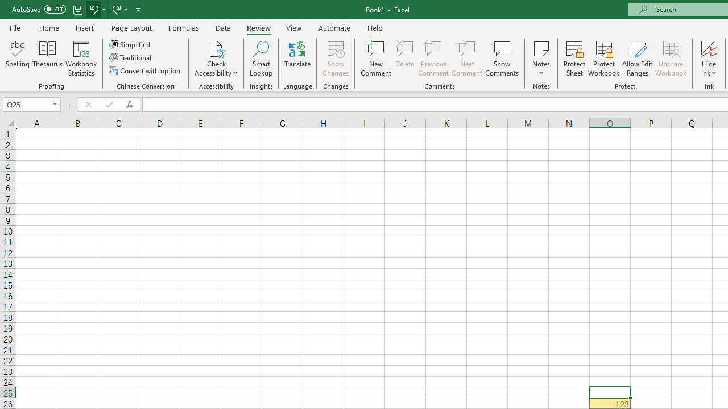 Image resolution: width=728 pixels, height=409 pixels. What do you see at coordinates (145, 70) in the screenshot?
I see `'Convert with option'` at bounding box center [145, 70].